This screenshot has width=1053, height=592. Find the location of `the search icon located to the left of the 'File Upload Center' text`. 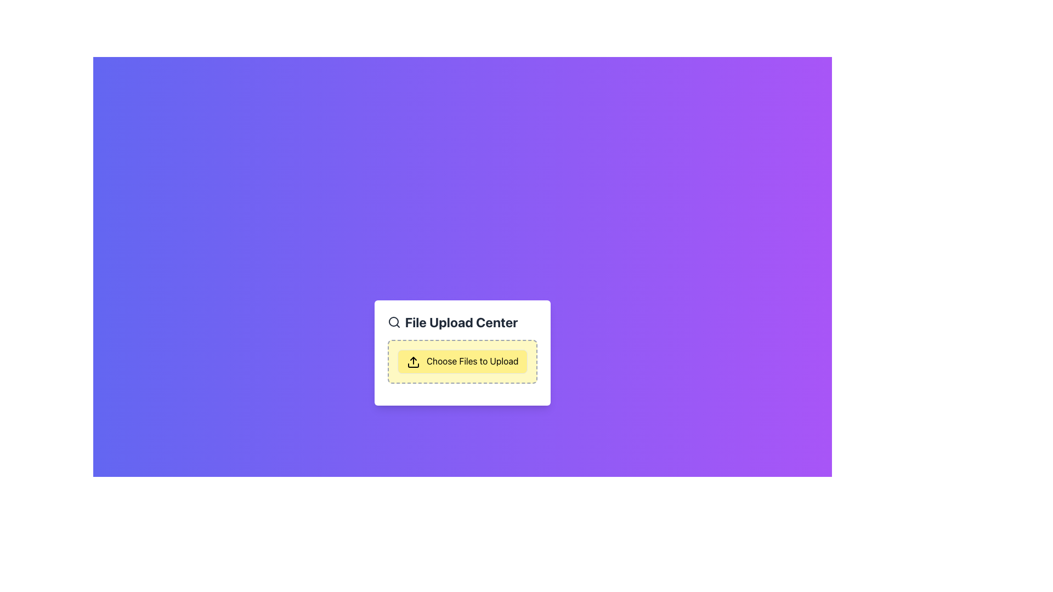

the search icon located to the left of the 'File Upload Center' text is located at coordinates (394, 322).